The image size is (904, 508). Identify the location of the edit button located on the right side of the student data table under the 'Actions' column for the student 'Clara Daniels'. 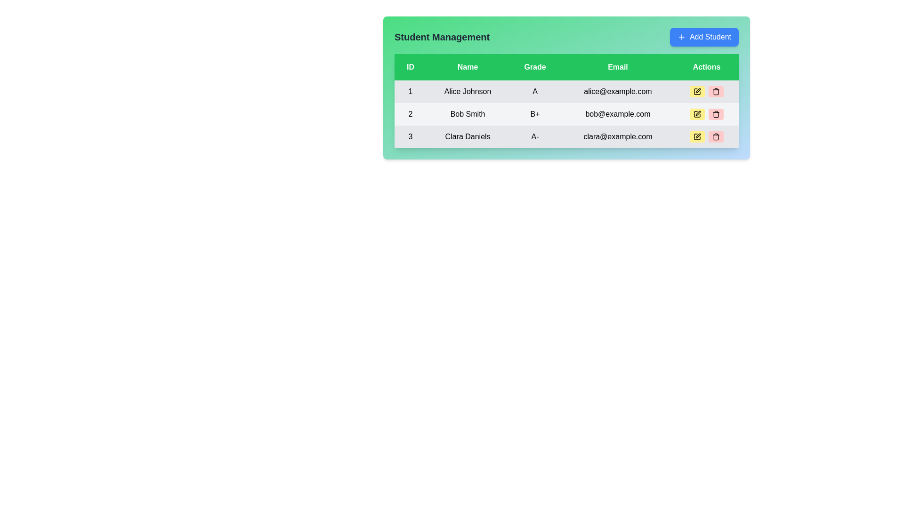
(696, 136).